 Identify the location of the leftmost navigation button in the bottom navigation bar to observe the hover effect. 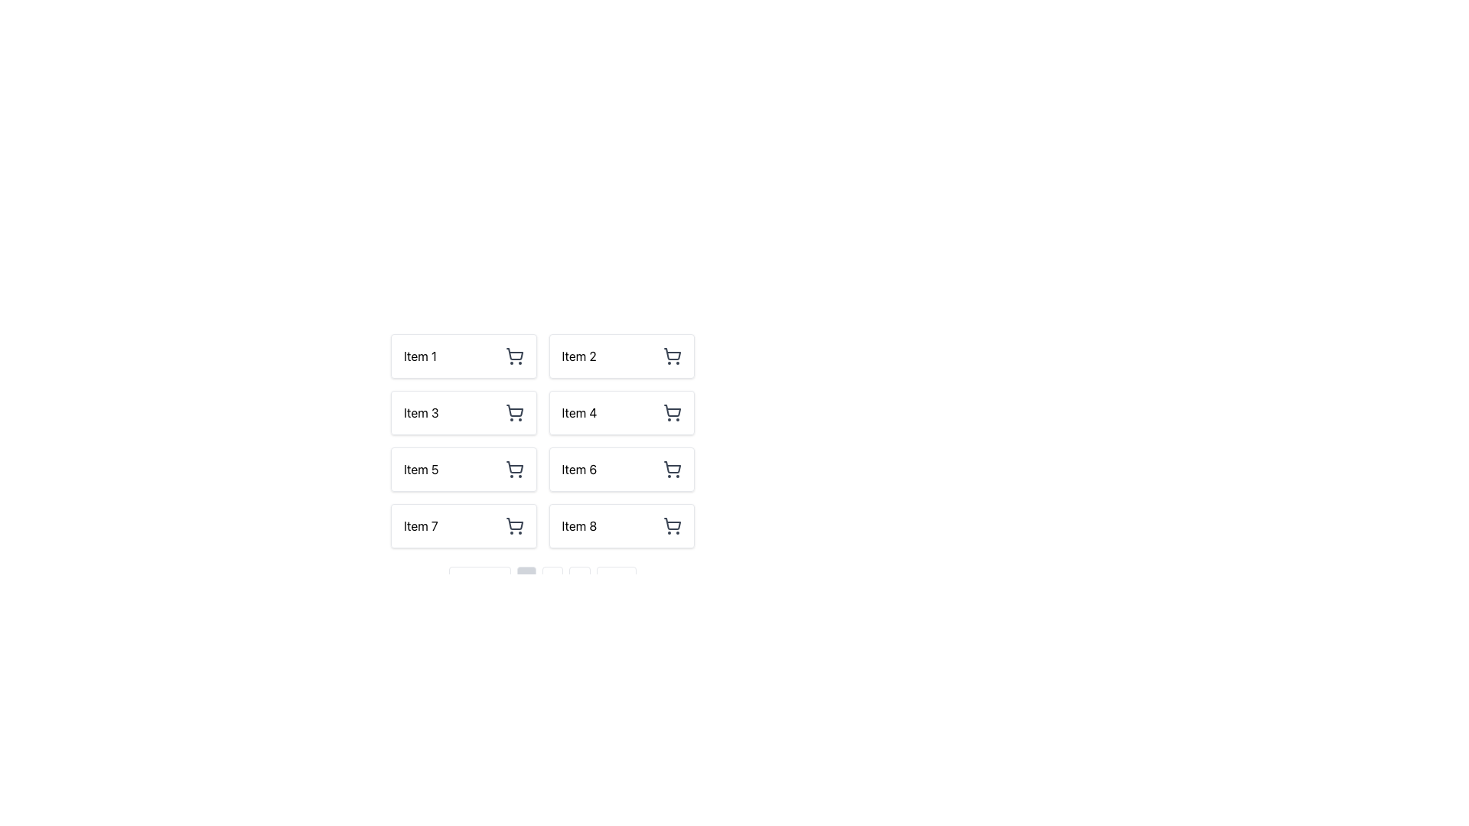
(479, 583).